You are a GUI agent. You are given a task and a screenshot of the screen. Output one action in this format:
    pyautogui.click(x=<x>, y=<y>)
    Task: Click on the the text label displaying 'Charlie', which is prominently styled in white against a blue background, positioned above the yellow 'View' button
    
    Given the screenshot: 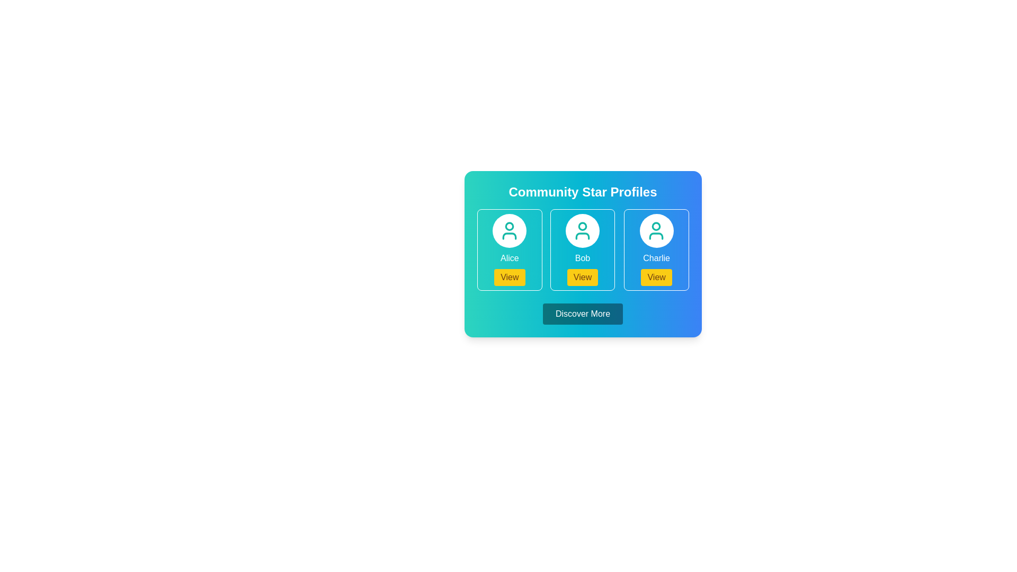 What is the action you would take?
    pyautogui.click(x=656, y=258)
    